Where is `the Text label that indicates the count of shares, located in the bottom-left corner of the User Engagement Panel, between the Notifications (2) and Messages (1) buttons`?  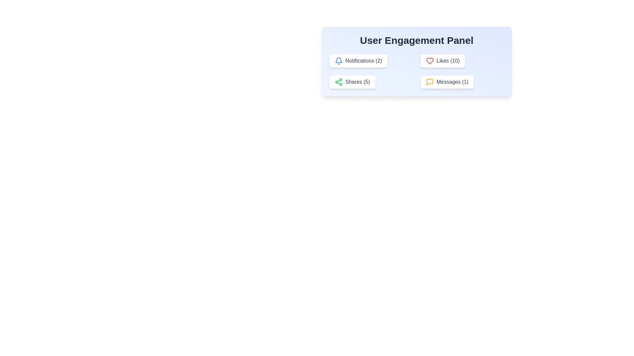 the Text label that indicates the count of shares, located in the bottom-left corner of the User Engagement Panel, between the Notifications (2) and Messages (1) buttons is located at coordinates (357, 82).